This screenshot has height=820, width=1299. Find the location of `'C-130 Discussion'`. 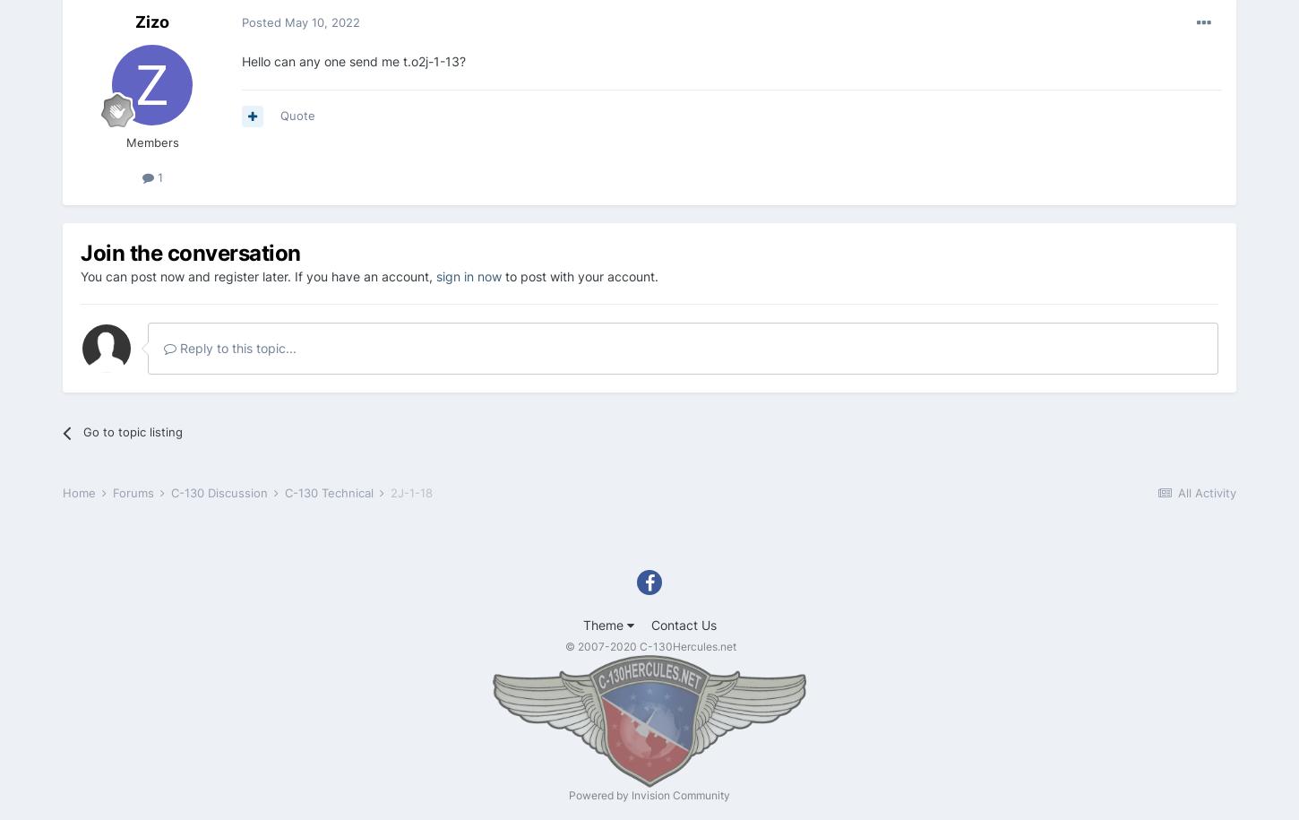

'C-130 Discussion' is located at coordinates (220, 493).